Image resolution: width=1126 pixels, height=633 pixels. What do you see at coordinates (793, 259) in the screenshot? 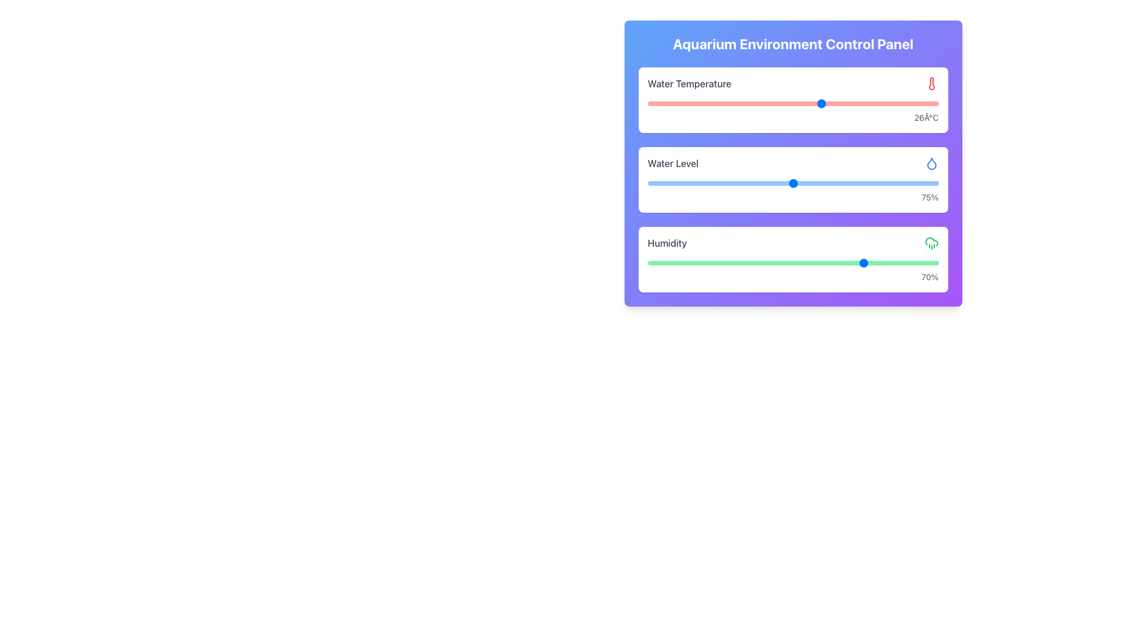
I see `the slider on the Interactive panel` at bounding box center [793, 259].